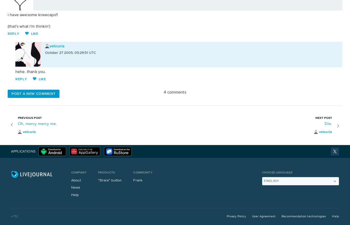 The width and height of the screenshot is (350, 225). Describe the element at coordinates (110, 180) in the screenshot. I see `'"Share" button'` at that location.